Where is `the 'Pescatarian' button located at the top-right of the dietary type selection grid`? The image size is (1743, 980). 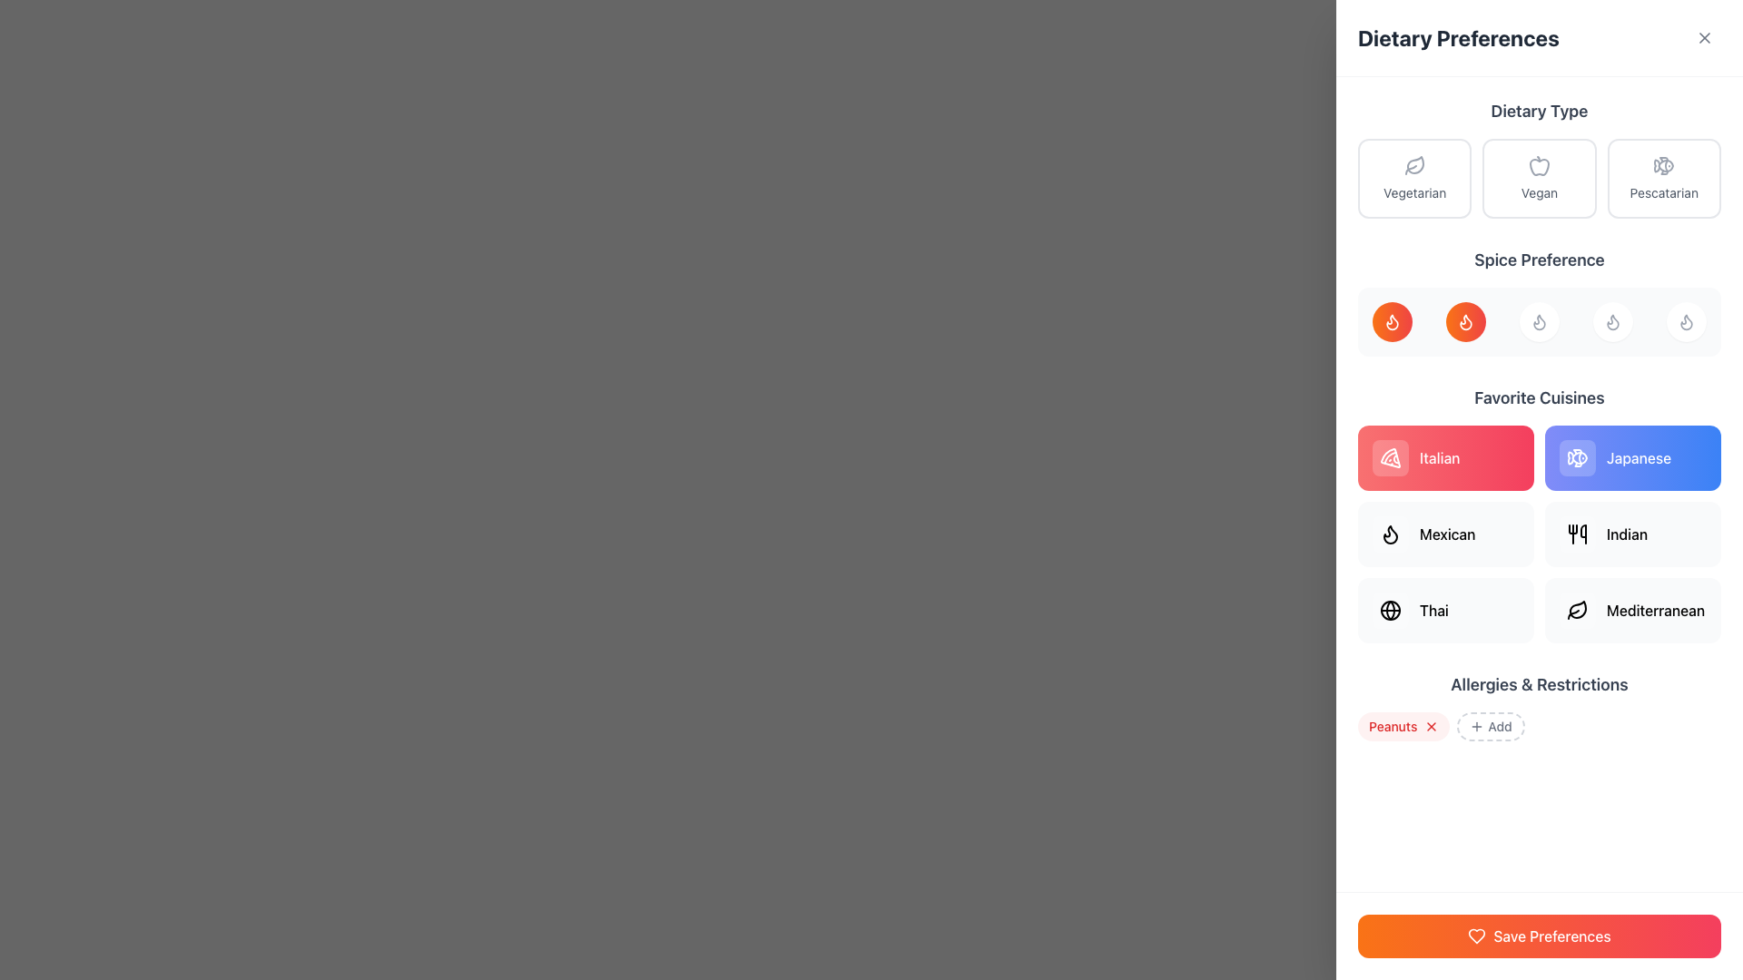
the 'Pescatarian' button located at the top-right of the dietary type selection grid is located at coordinates (1664, 178).